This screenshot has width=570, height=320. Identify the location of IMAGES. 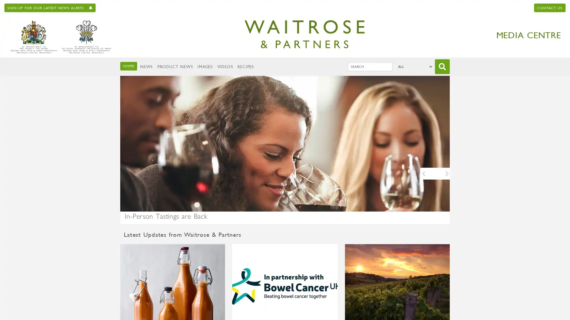
(205, 66).